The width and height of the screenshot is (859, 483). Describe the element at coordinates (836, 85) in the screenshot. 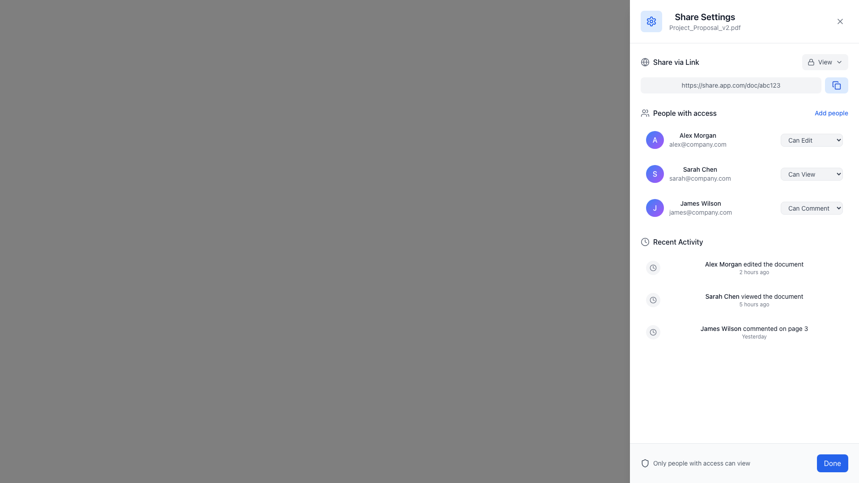

I see `the button with rounded corners and a blue background, which has an icon of two overlapping rectangles` at that location.